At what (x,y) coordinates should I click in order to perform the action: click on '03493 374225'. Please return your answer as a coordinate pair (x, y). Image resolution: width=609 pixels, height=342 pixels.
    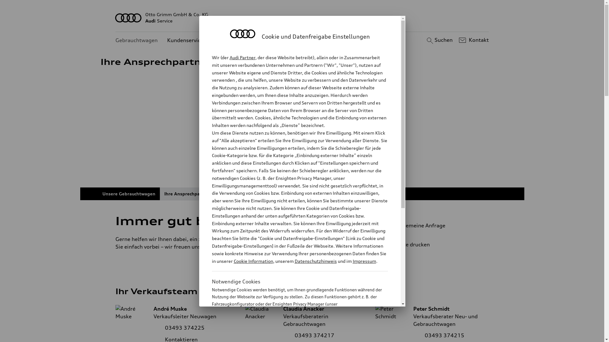
    Looking at the image, I should click on (184, 327).